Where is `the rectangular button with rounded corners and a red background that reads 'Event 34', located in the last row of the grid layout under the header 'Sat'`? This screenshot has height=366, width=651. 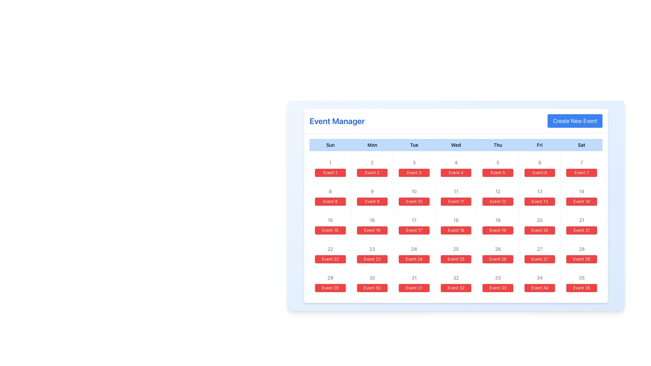 the rectangular button with rounded corners and a red background that reads 'Event 34', located in the last row of the grid layout under the header 'Sat' is located at coordinates (539, 288).